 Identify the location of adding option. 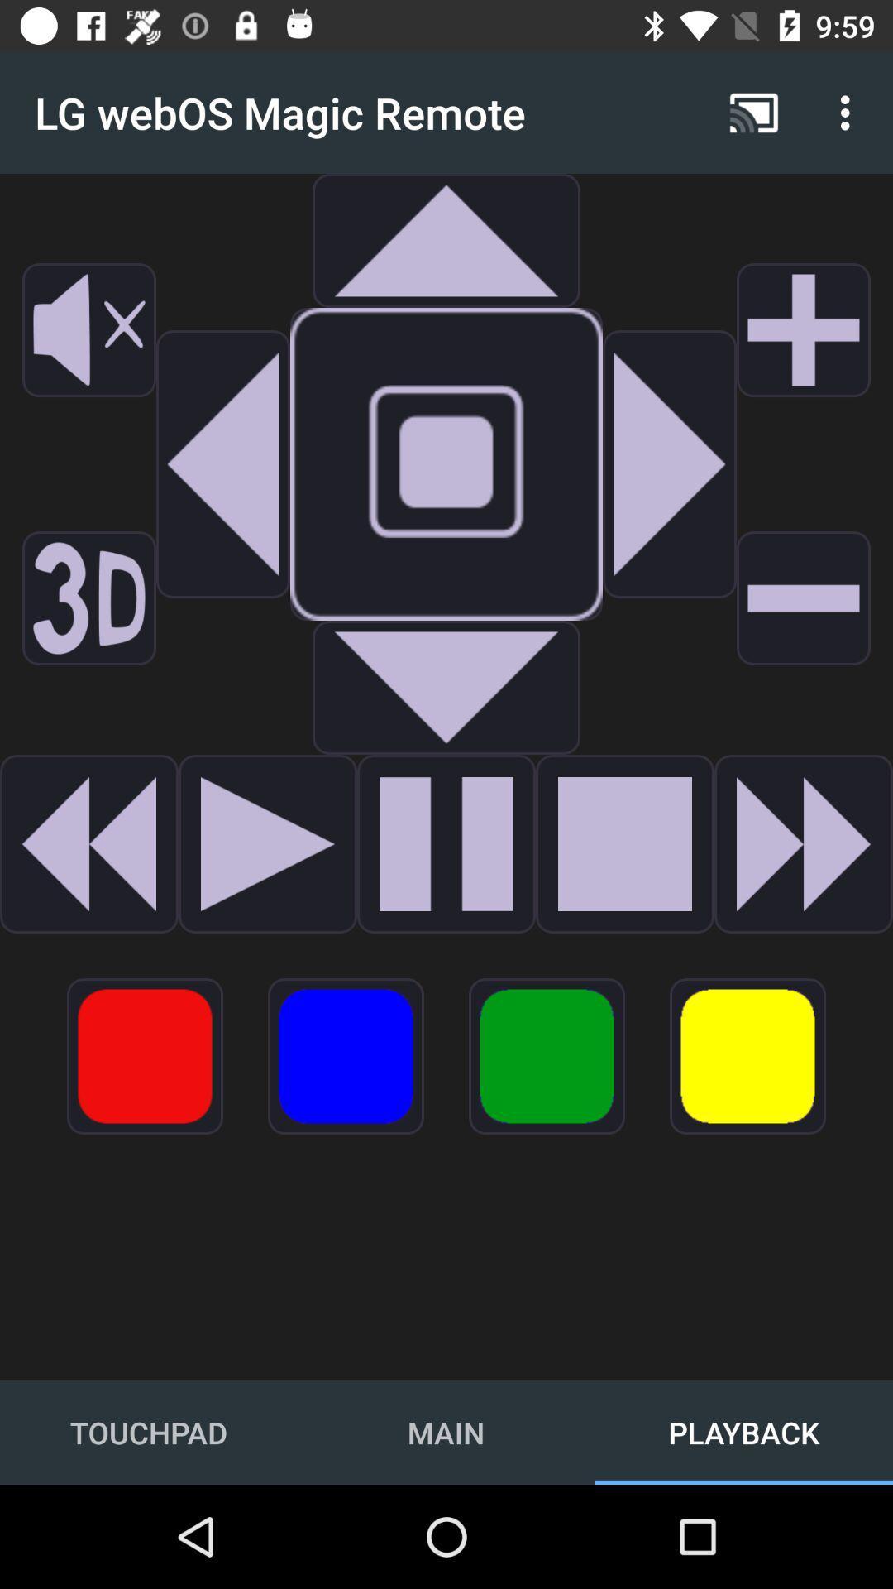
(803, 329).